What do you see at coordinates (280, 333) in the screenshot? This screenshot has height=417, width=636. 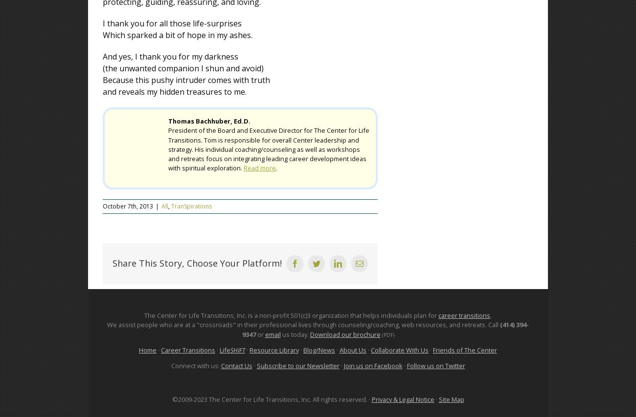 I see `'us today.'` at bounding box center [280, 333].